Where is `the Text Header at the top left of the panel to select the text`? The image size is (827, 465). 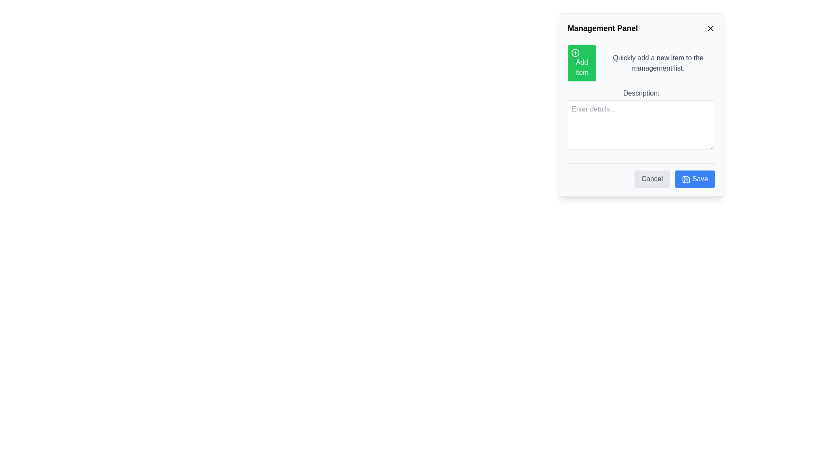
the Text Header at the top left of the panel to select the text is located at coordinates (589, 26).